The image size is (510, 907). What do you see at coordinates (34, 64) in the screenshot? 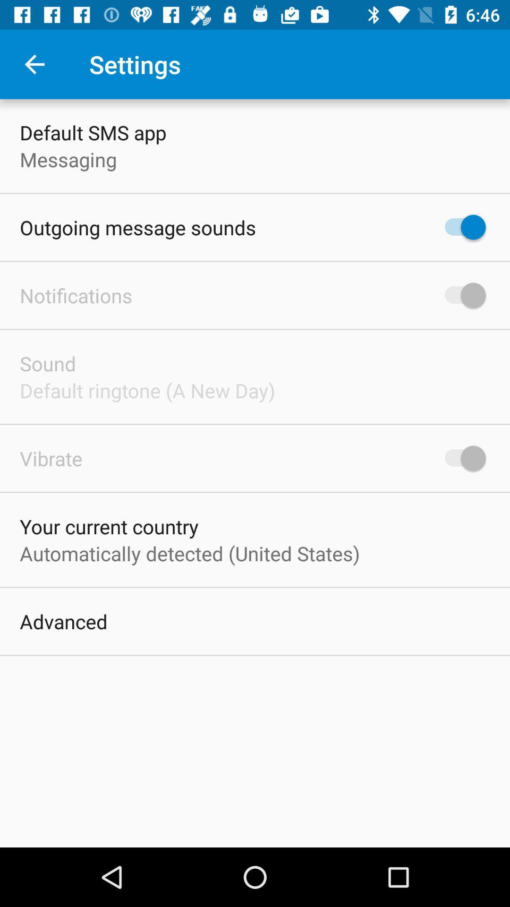
I see `item above the default sms app item` at bounding box center [34, 64].